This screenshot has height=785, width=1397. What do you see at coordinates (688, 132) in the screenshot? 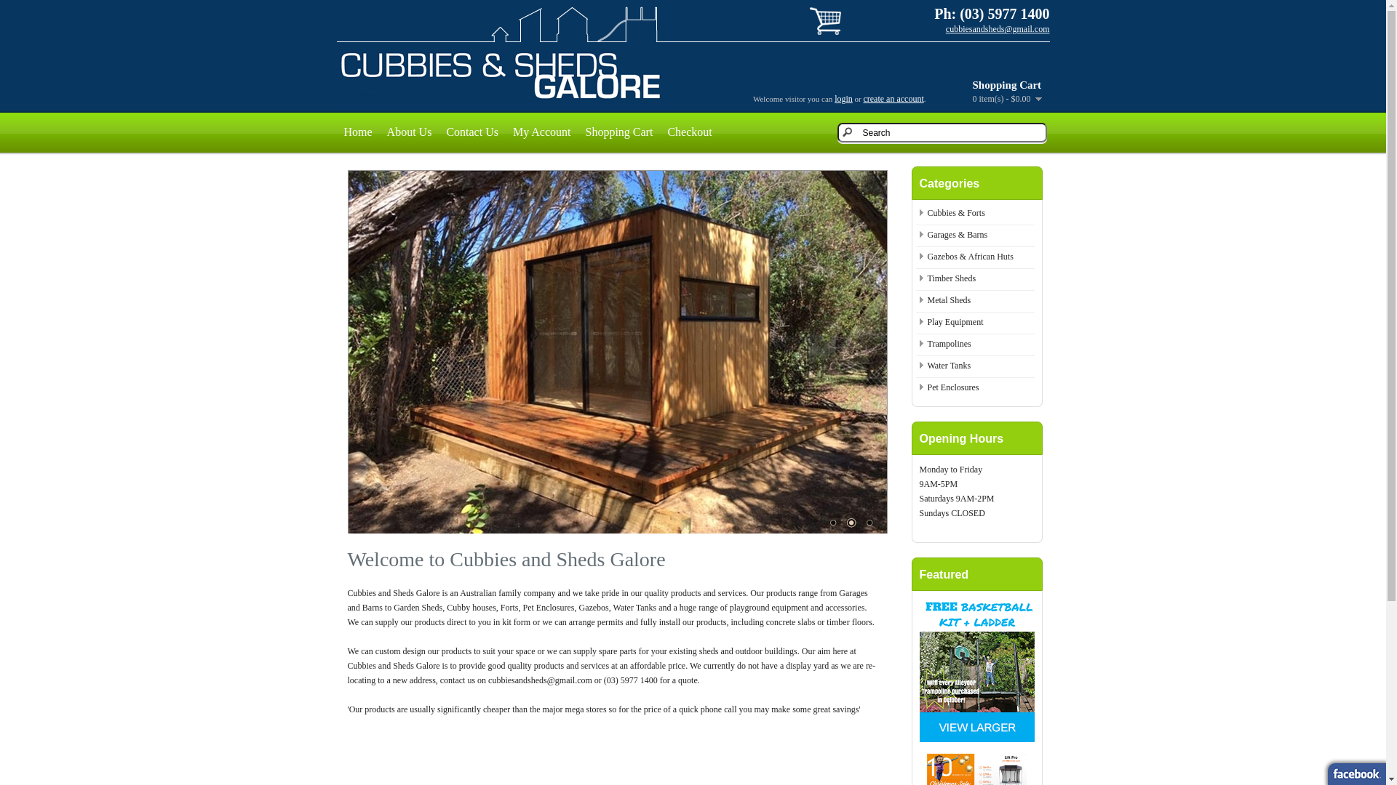
I see `'Checkout'` at bounding box center [688, 132].